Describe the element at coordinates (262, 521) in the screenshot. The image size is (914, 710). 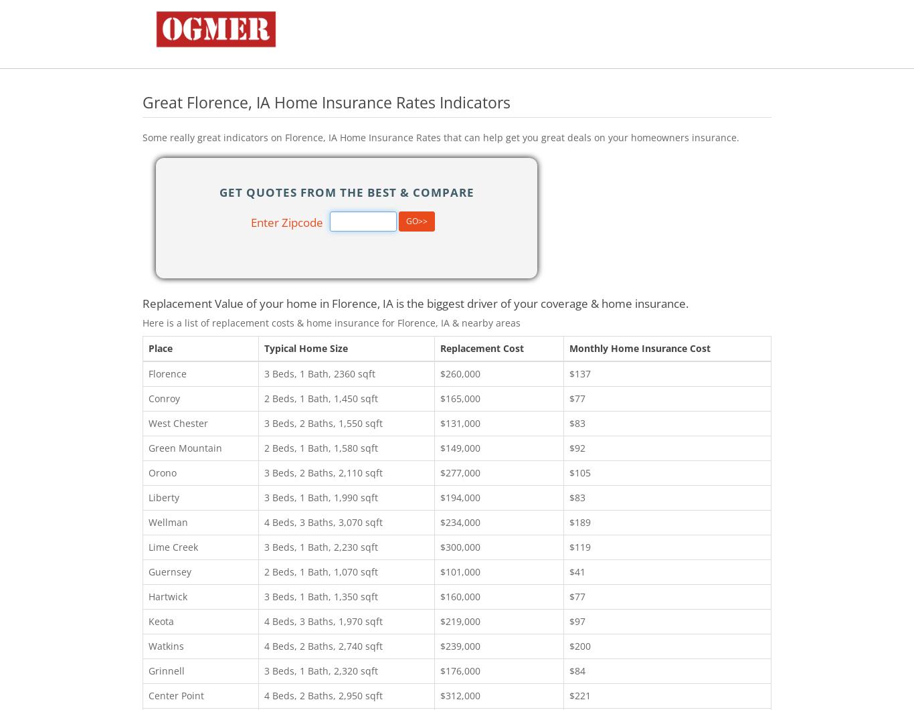
I see `'4 Beds, 3 Baths, 3,070 sqft'` at that location.